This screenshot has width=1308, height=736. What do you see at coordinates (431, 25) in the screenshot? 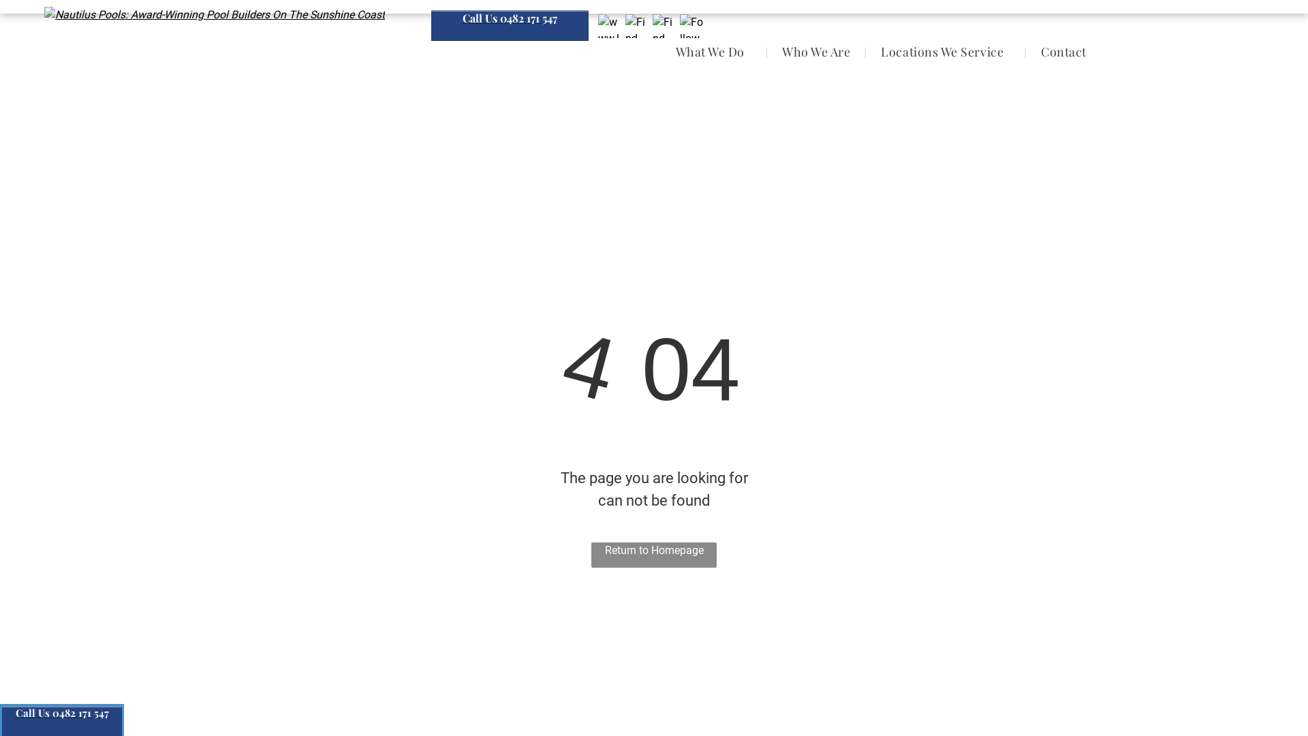
I see `'Call Us 0482 171 547'` at bounding box center [431, 25].